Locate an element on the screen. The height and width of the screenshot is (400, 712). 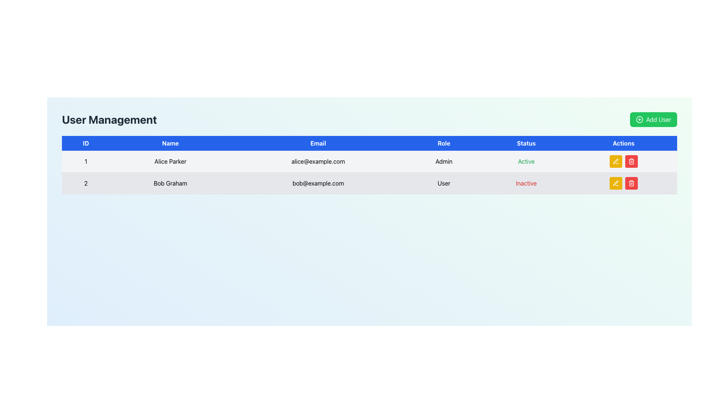
the 'Active' text label styled in green, located under the 'Status' column for 'Alice Parker' in the first row of the table is located at coordinates (526, 161).